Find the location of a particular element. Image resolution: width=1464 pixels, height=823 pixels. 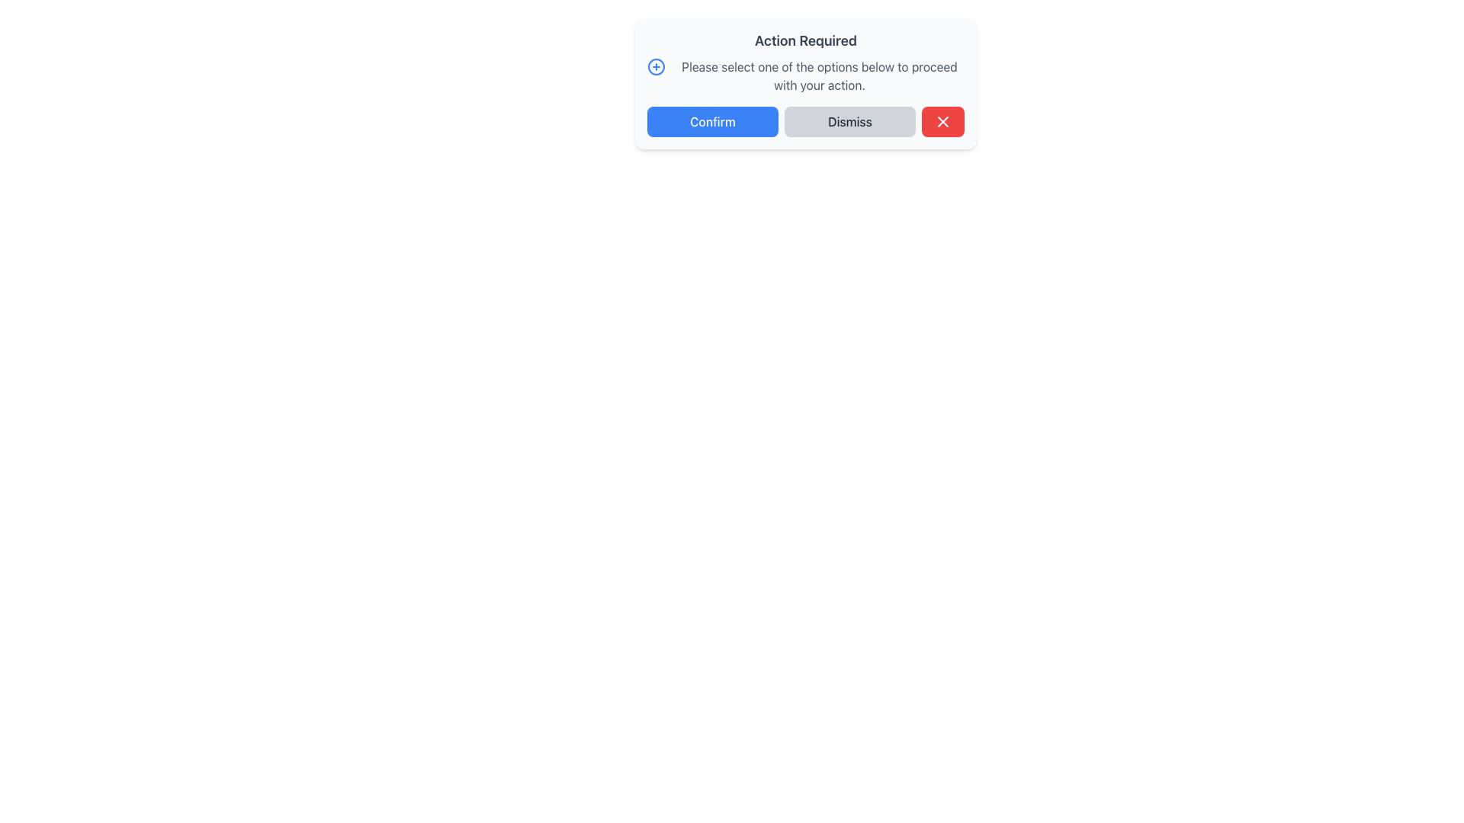

the 'Dismiss' button, which is a rectangular button with rounded edges and a light gray background, located centrally in the dialog box titled 'Action Required' is located at coordinates (849, 120).